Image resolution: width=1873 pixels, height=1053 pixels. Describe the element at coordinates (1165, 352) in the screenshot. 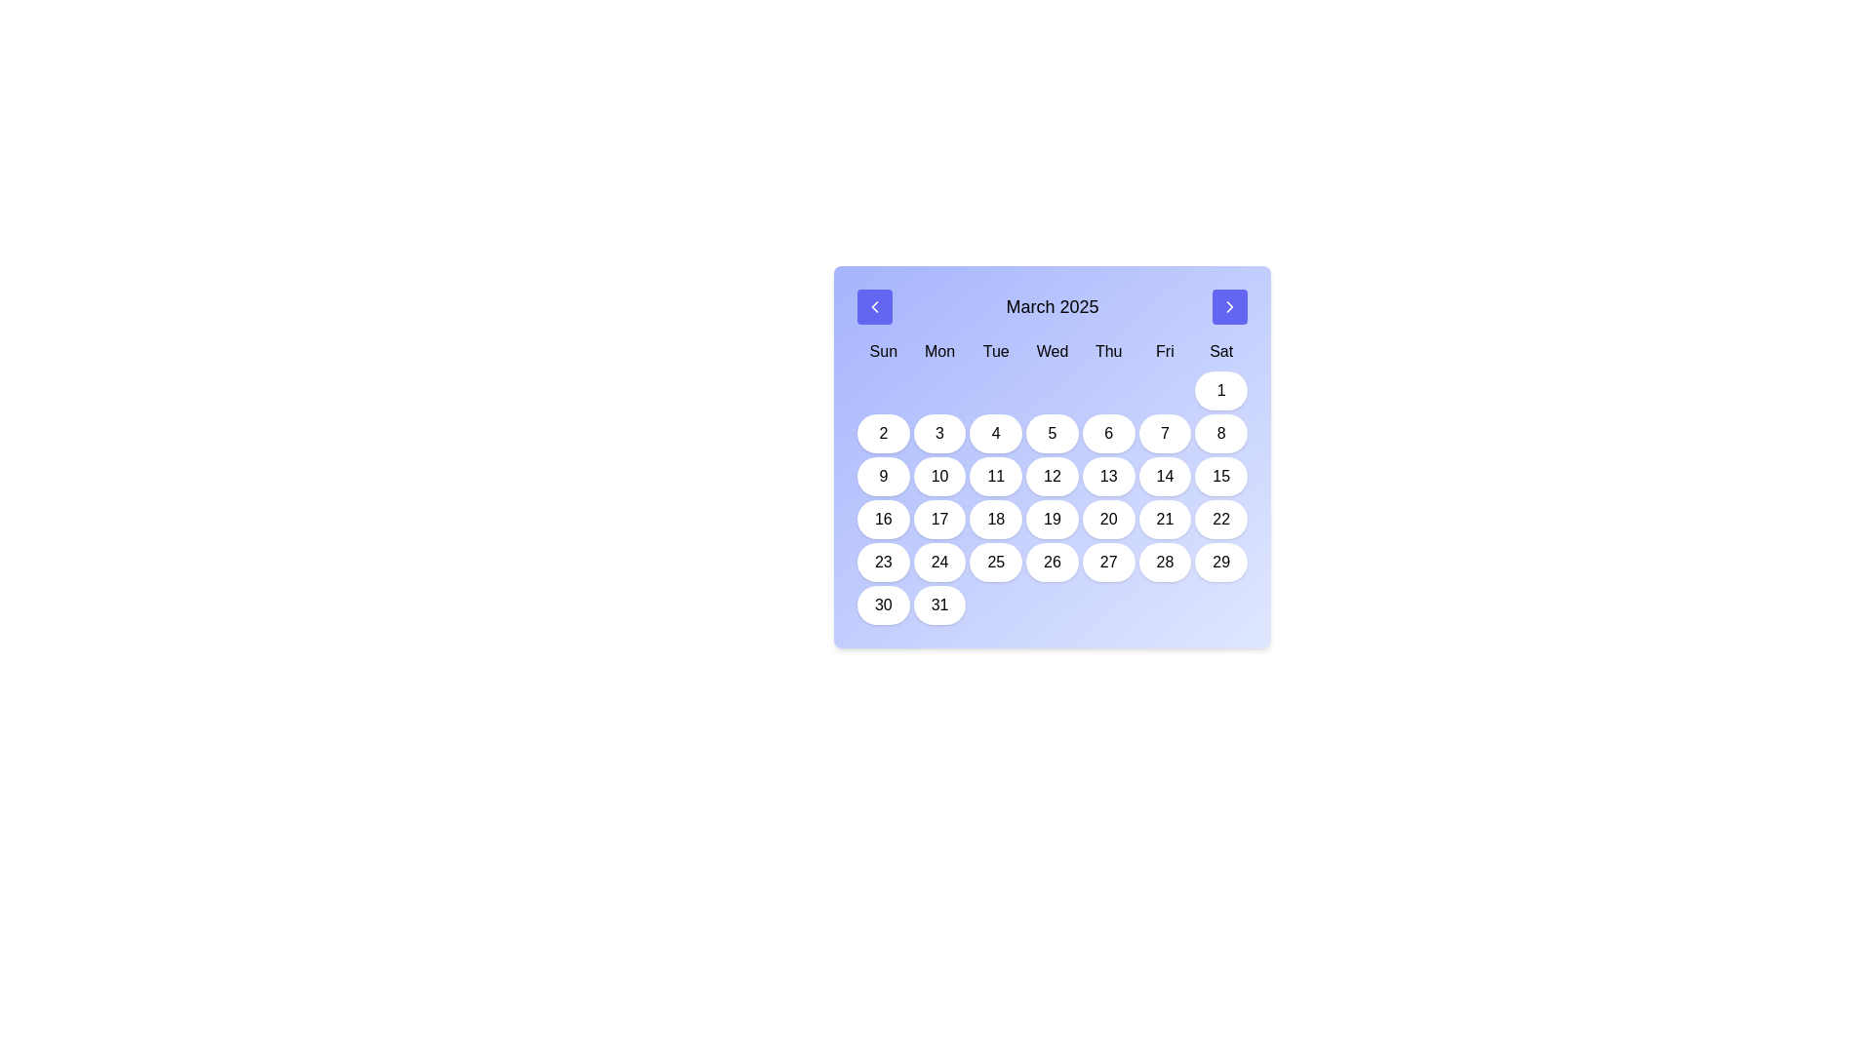

I see `the Text Label for Friday in the calendar interface, which is the sixth element in the row of weekday labels` at that location.